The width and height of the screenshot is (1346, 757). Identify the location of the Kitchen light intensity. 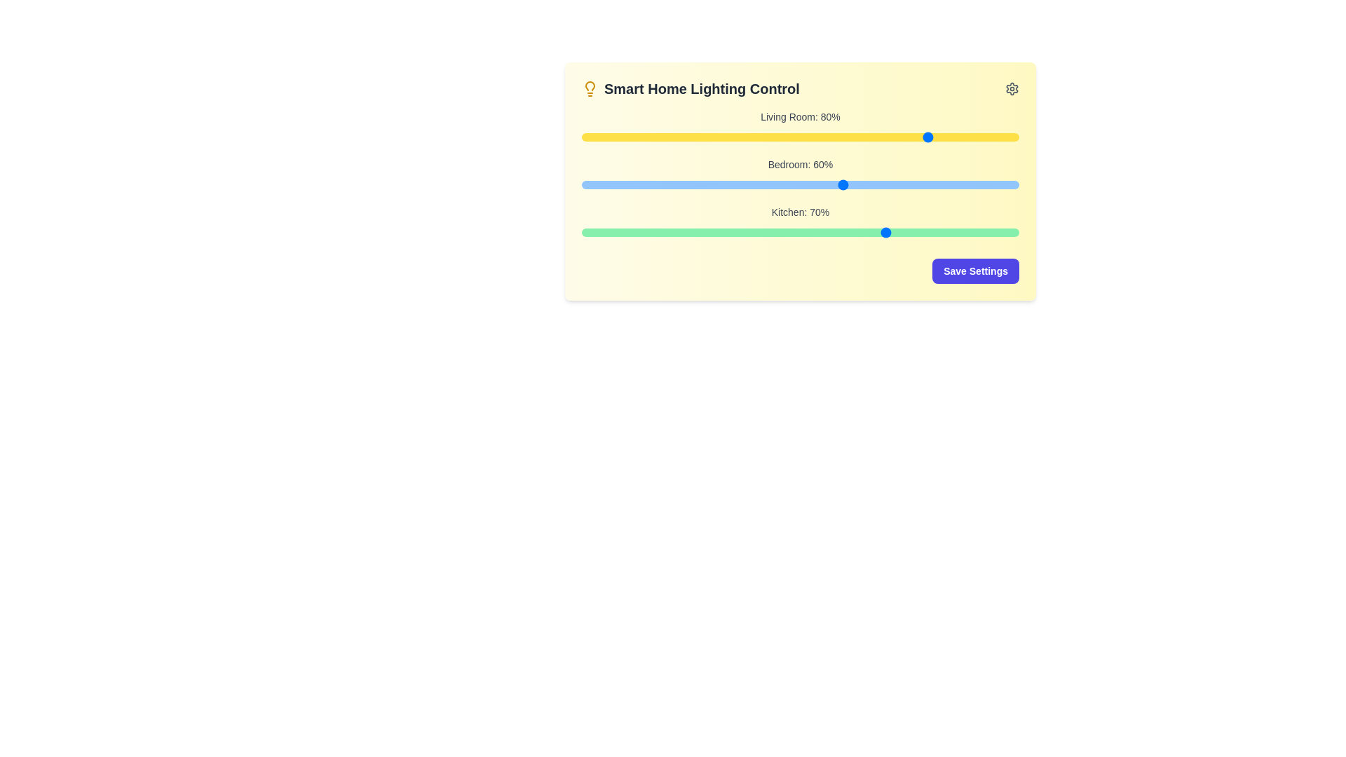
(655, 231).